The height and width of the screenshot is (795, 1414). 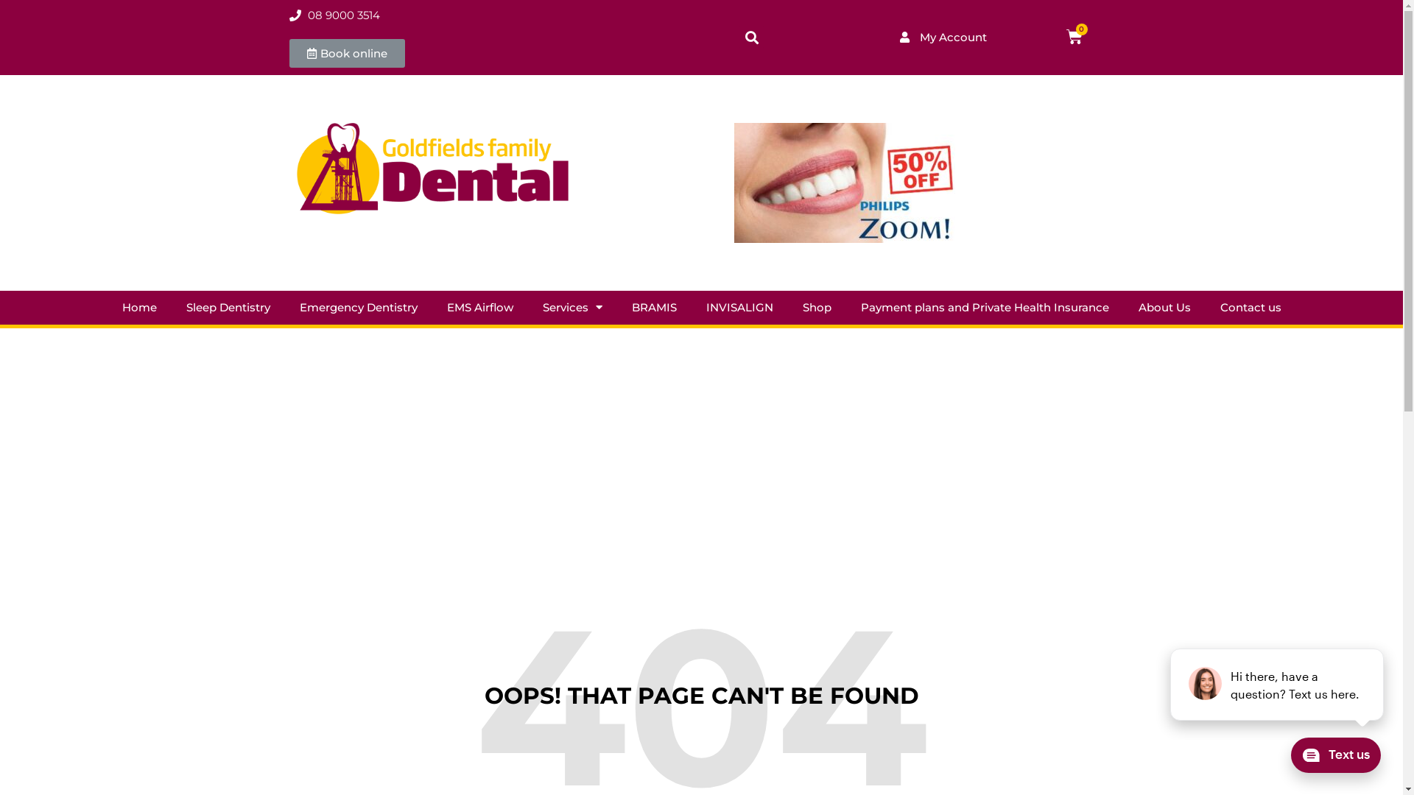 I want to click on 'About Us', so click(x=1164, y=305).